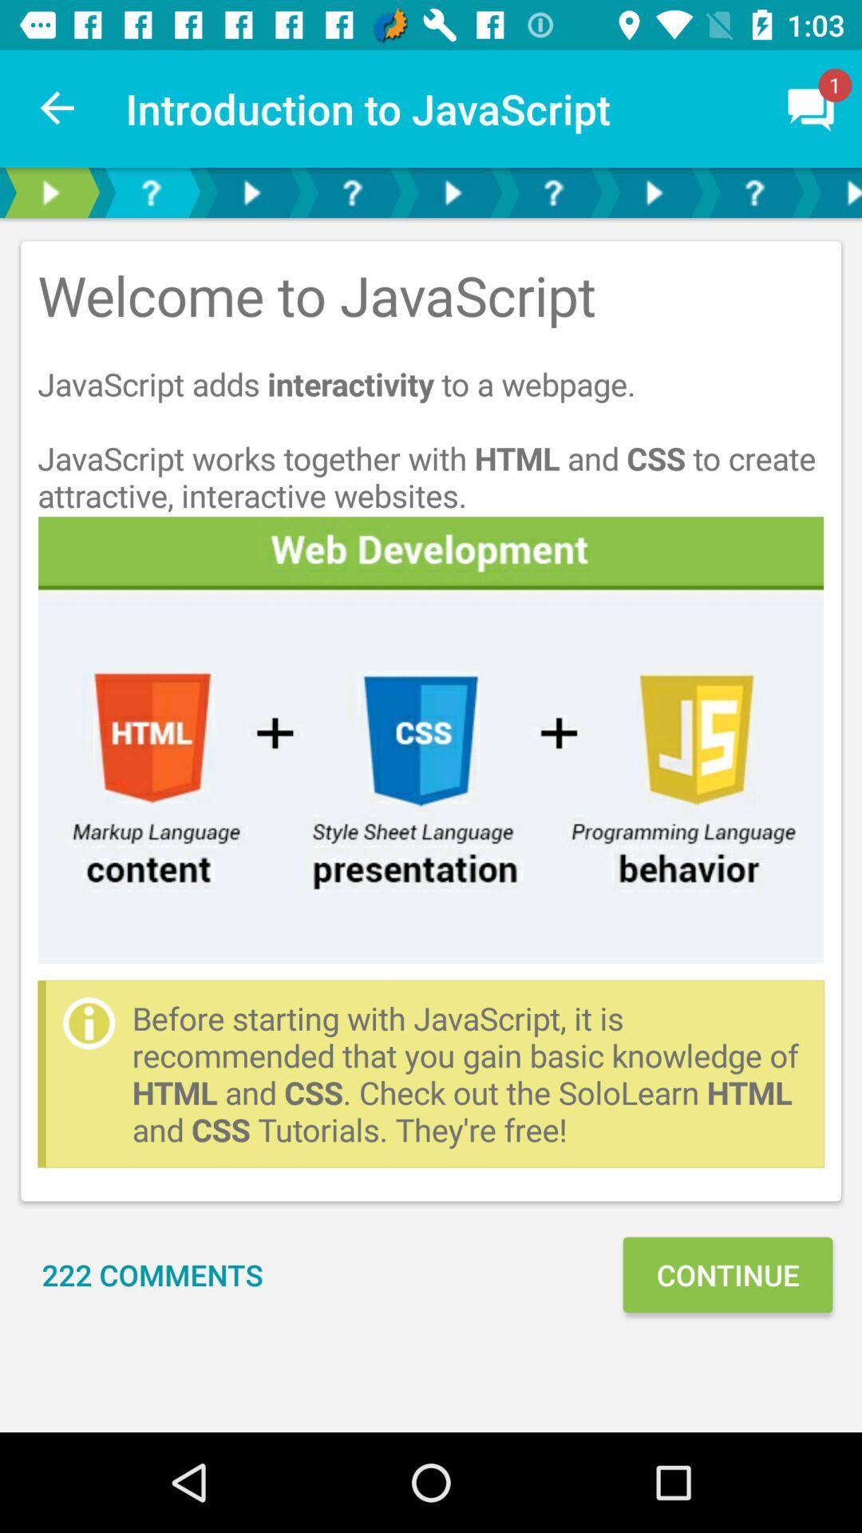 The height and width of the screenshot is (1533, 862). Describe the element at coordinates (754, 192) in the screenshot. I see `the help icon` at that location.